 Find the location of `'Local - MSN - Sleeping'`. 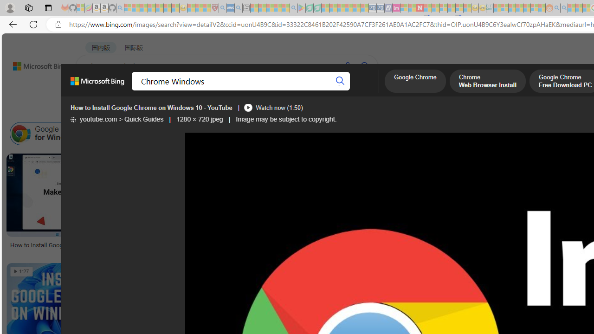

'Local - MSN - Sleeping' is located at coordinates (207, 8).